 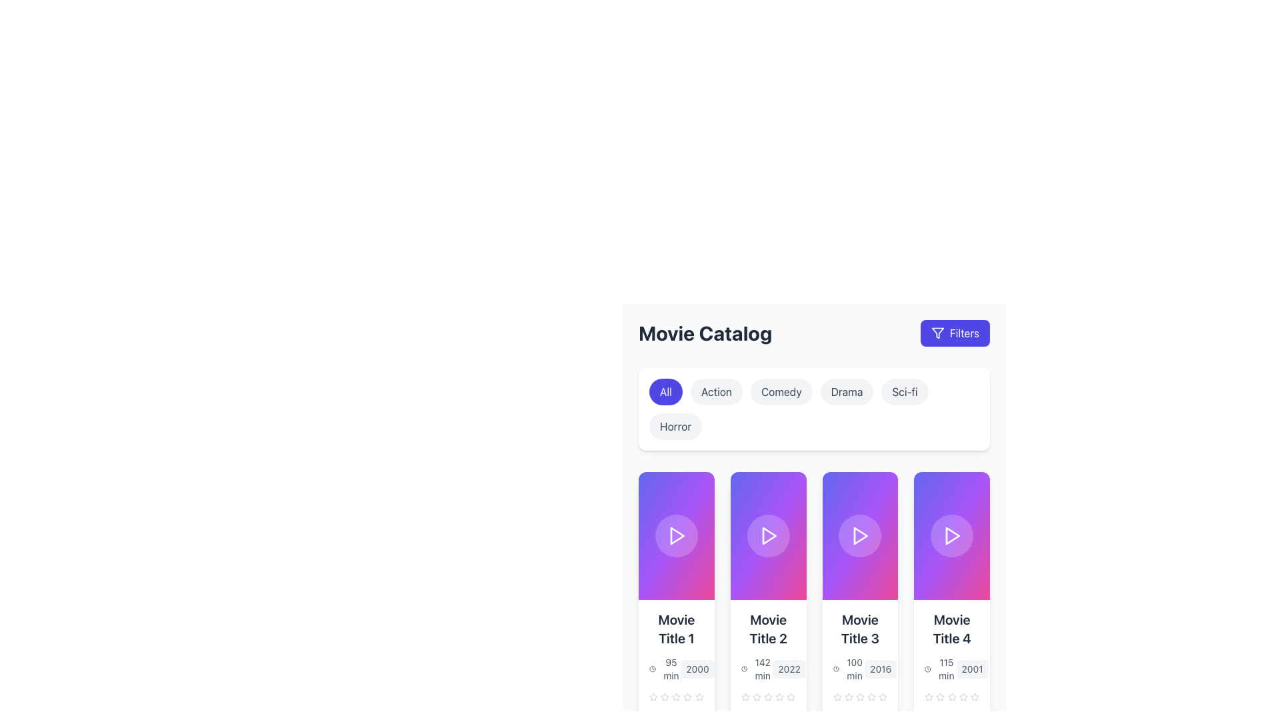 What do you see at coordinates (951, 696) in the screenshot?
I see `the third star icon in the rating system for keyboard interactions under the Movie Title 4 card` at bounding box center [951, 696].